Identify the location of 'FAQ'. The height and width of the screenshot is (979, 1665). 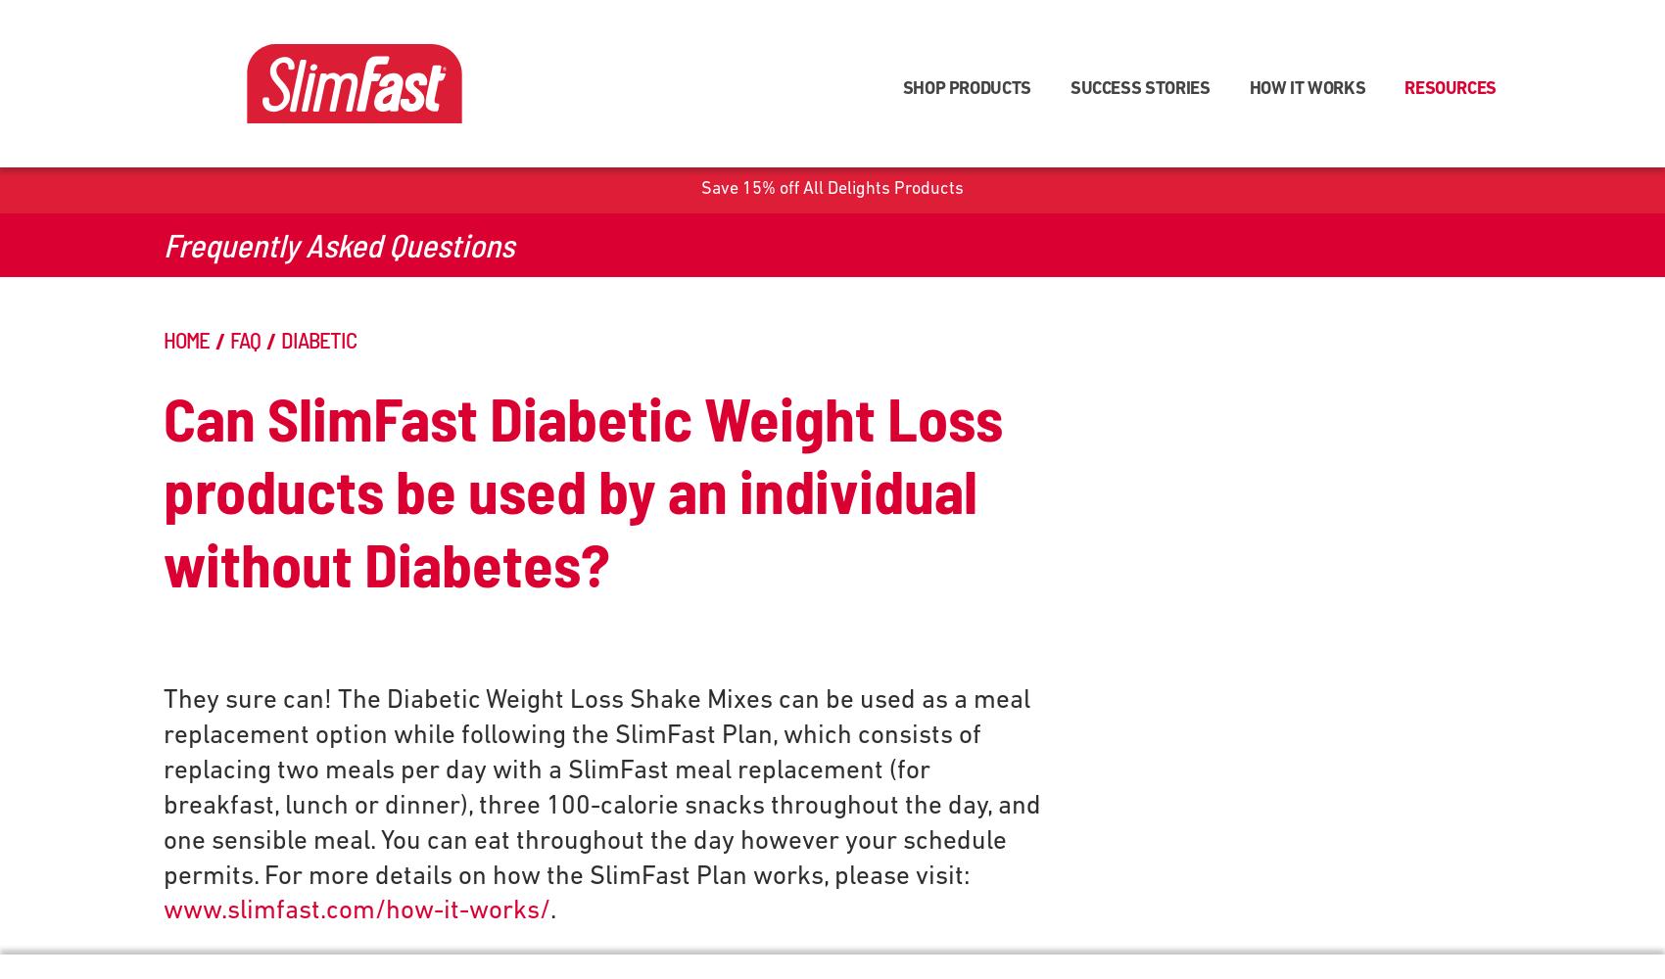
(245, 338).